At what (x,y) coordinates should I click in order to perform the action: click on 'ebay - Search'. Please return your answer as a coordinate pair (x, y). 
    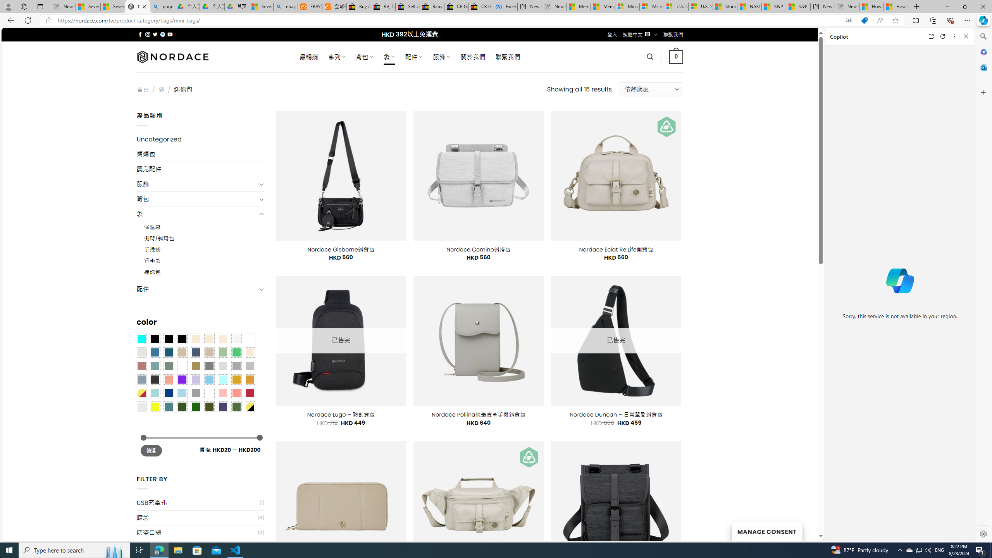
    Looking at the image, I should click on (286, 6).